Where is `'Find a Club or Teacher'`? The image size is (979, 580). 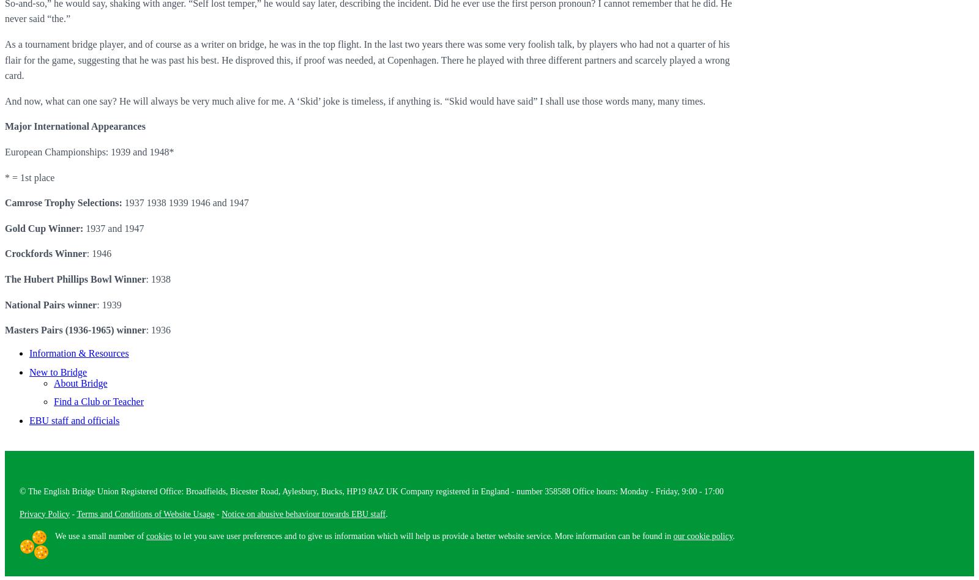
'Find a Club or Teacher' is located at coordinates (98, 401).